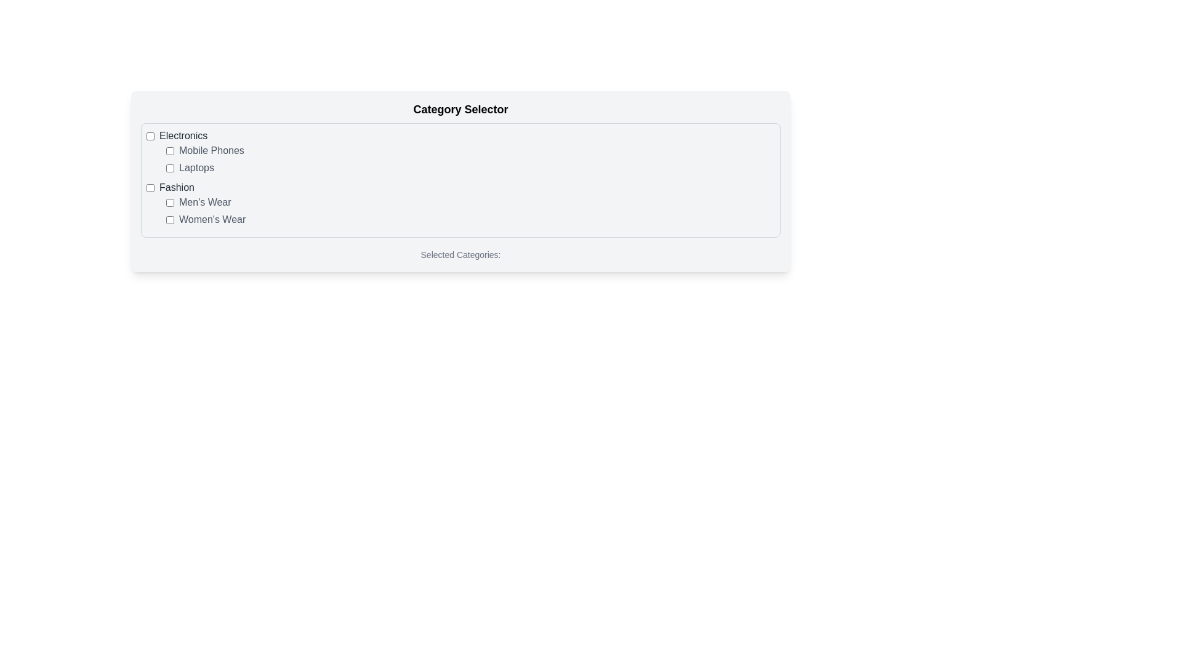  I want to click on the 'Men's Wear' label element, so click(205, 201).